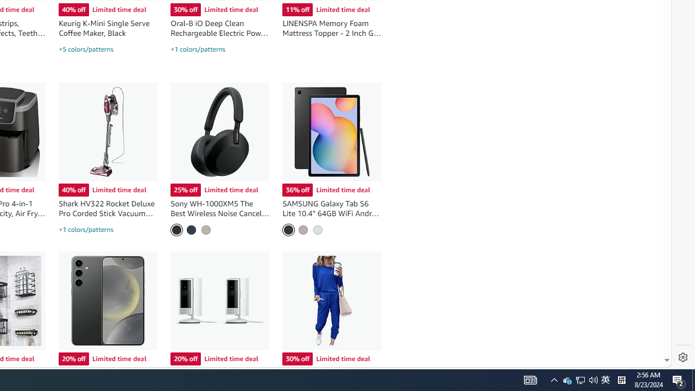 This screenshot has width=695, height=391. Describe the element at coordinates (85, 49) in the screenshot. I see `'+5 colors/patterns'` at that location.